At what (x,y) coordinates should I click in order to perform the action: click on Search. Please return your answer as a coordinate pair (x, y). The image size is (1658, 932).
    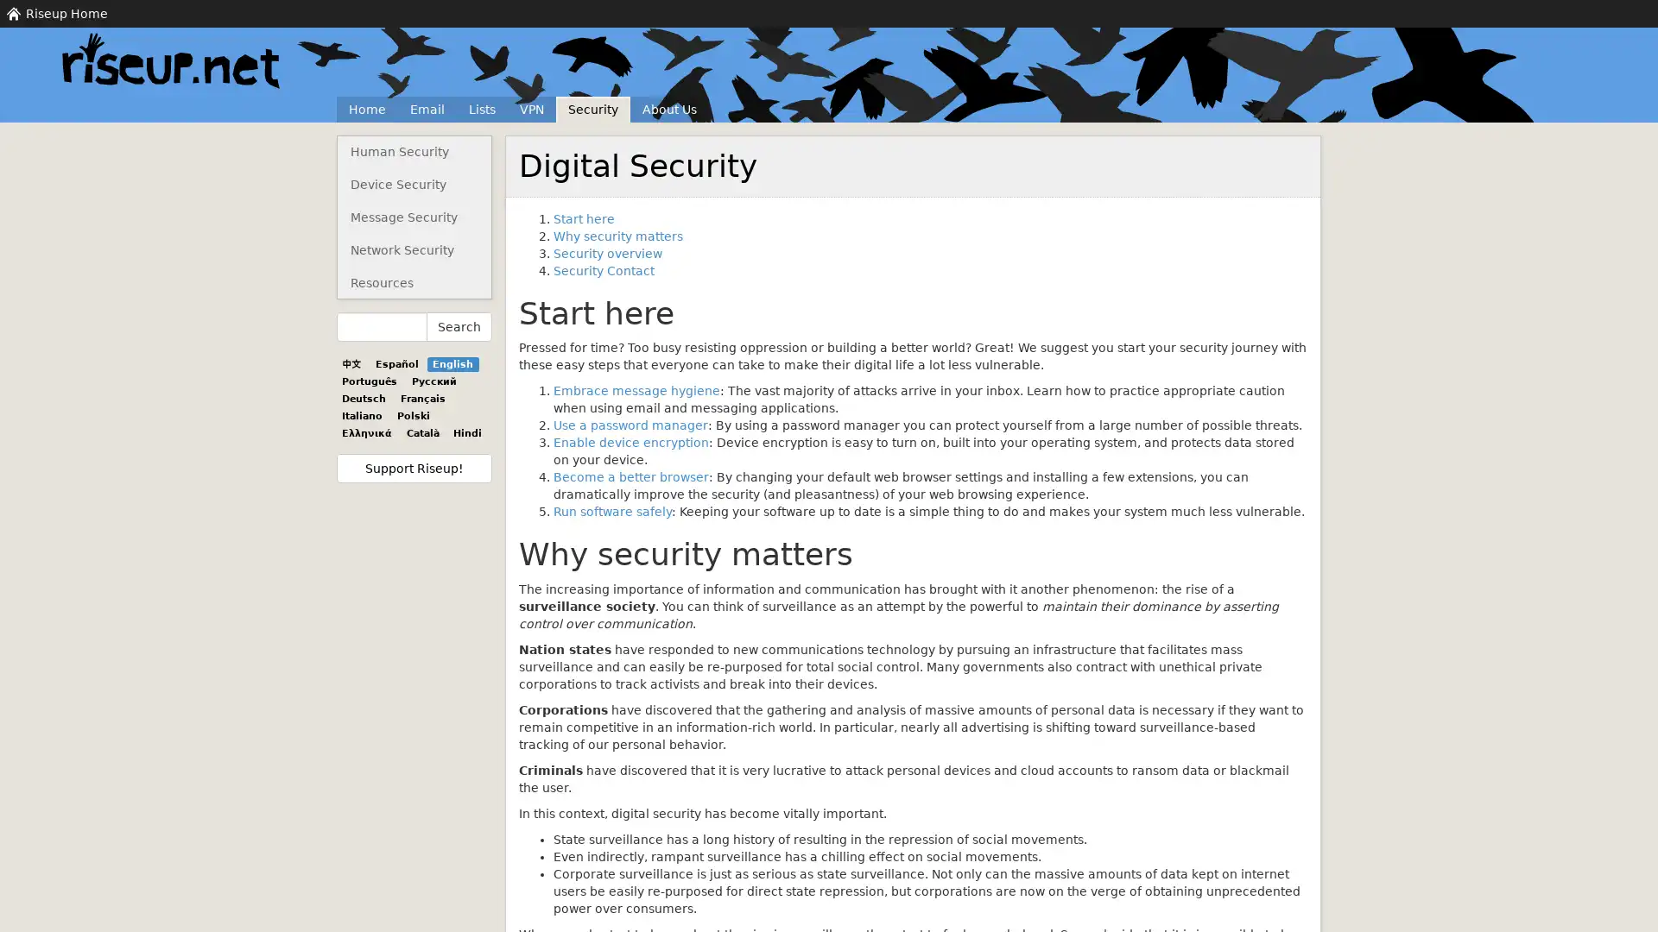
    Looking at the image, I should click on (459, 326).